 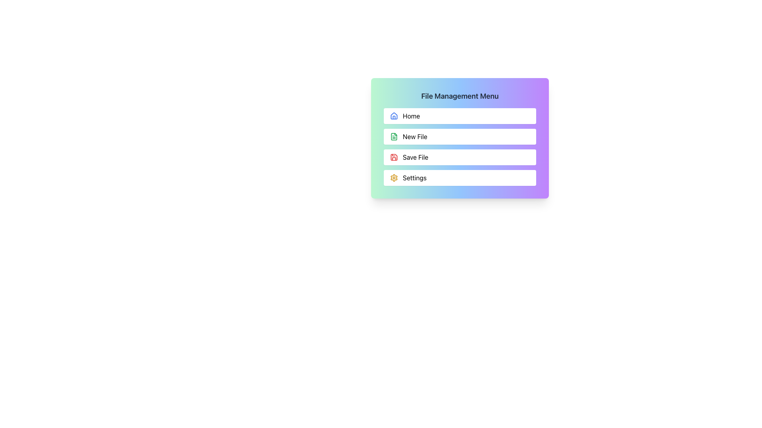 I want to click on the 'Save File' button, so click(x=460, y=157).